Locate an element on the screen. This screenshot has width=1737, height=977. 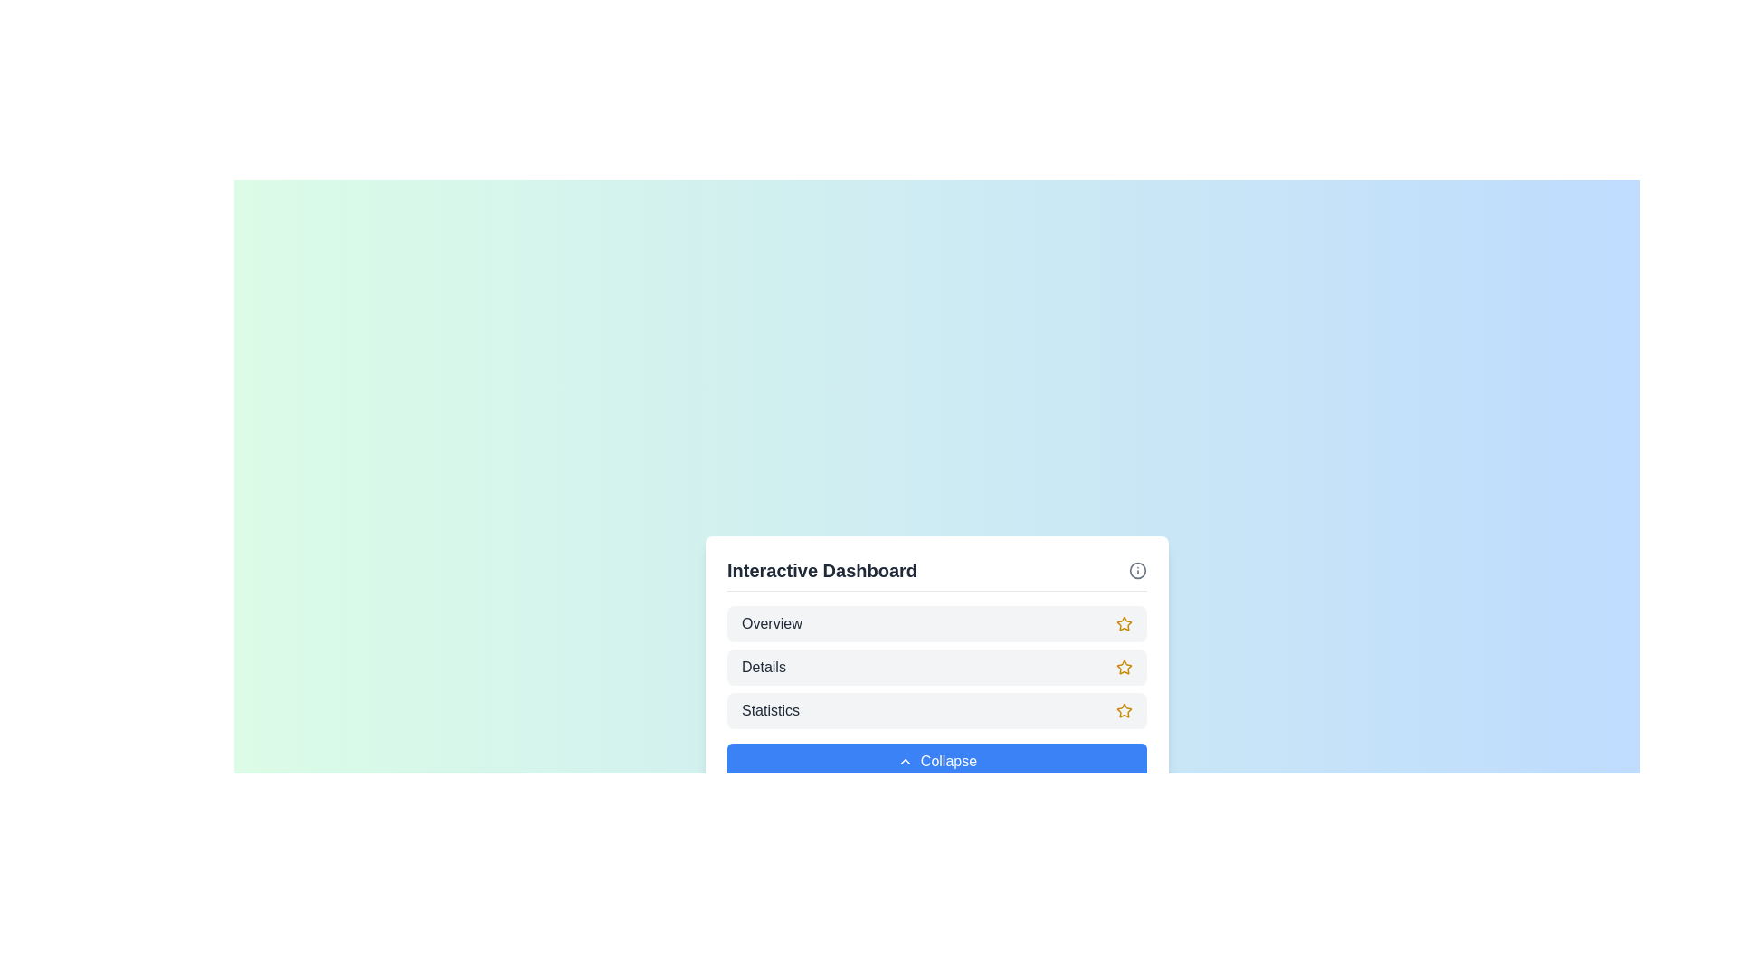
the yellow five-pointed star icon located to the right of the 'Details' text is located at coordinates (1124, 667).